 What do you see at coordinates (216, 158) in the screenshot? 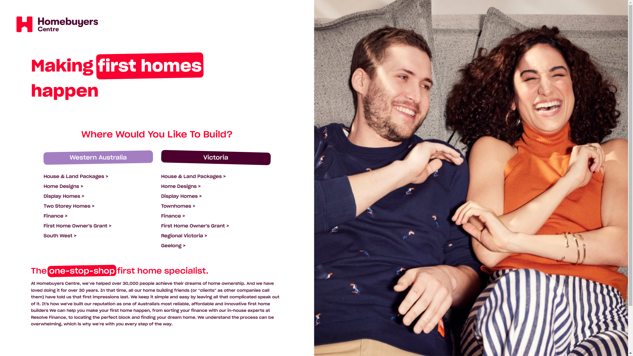
I see `'Victoria'` at bounding box center [216, 158].